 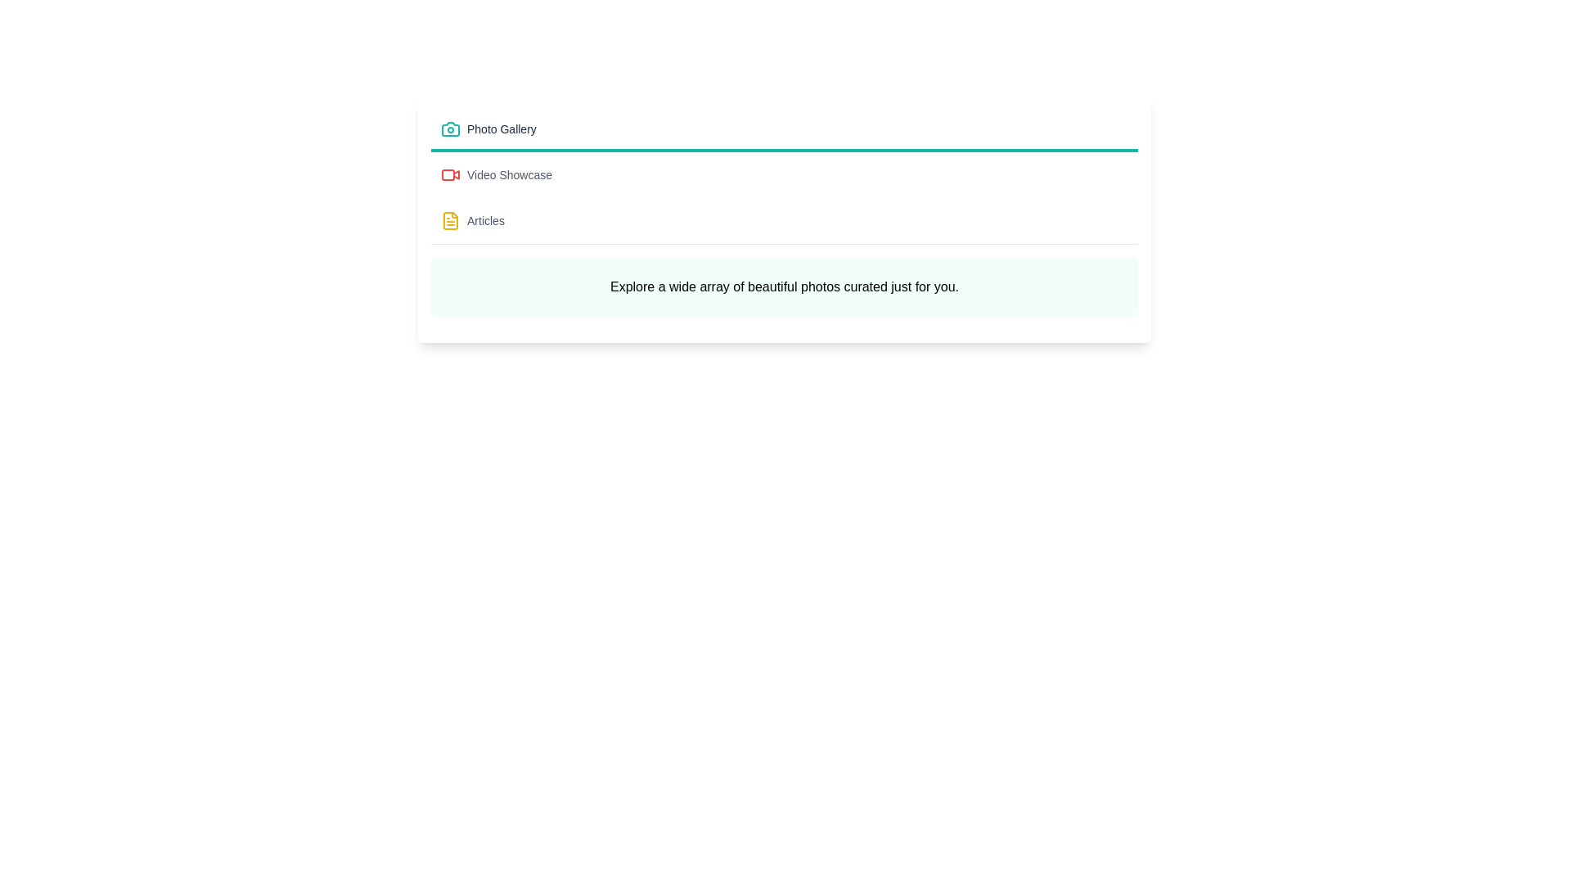 I want to click on the tab corresponding to Photo Gallery, so click(x=784, y=129).